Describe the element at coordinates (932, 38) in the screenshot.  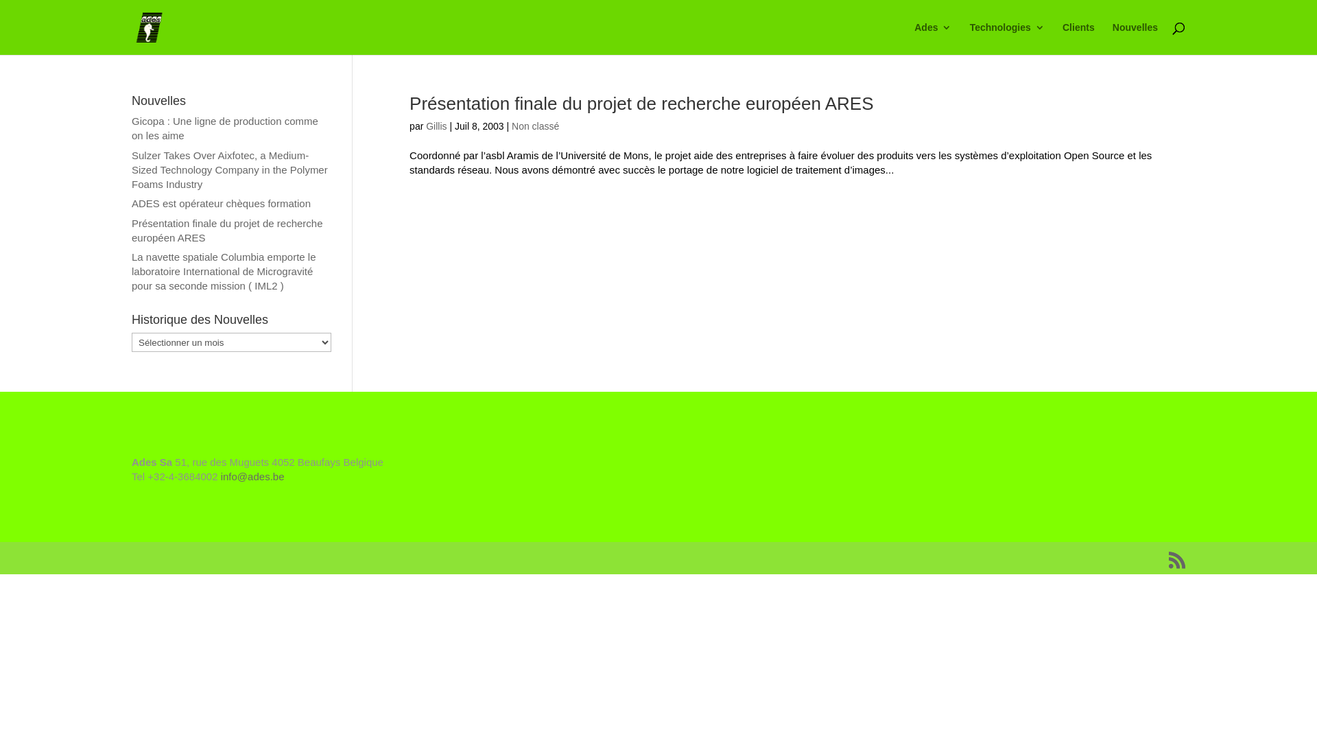
I see `'Ades'` at that location.